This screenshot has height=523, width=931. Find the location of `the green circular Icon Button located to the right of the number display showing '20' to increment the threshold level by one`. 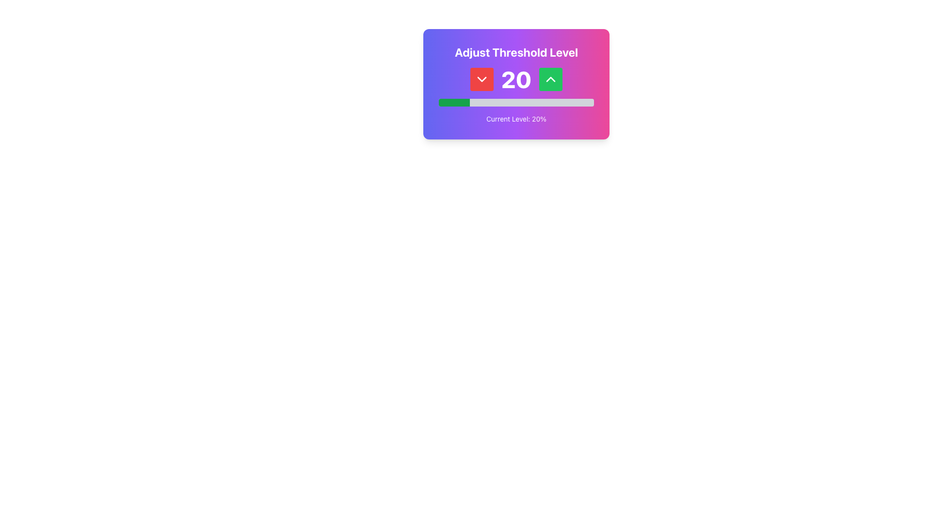

the green circular Icon Button located to the right of the number display showing '20' to increment the threshold level by one is located at coordinates (551, 79).